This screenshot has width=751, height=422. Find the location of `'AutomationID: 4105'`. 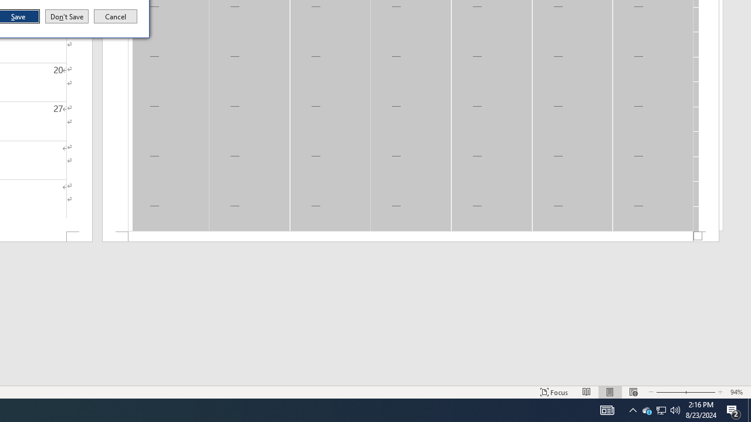

'AutomationID: 4105' is located at coordinates (607, 409).